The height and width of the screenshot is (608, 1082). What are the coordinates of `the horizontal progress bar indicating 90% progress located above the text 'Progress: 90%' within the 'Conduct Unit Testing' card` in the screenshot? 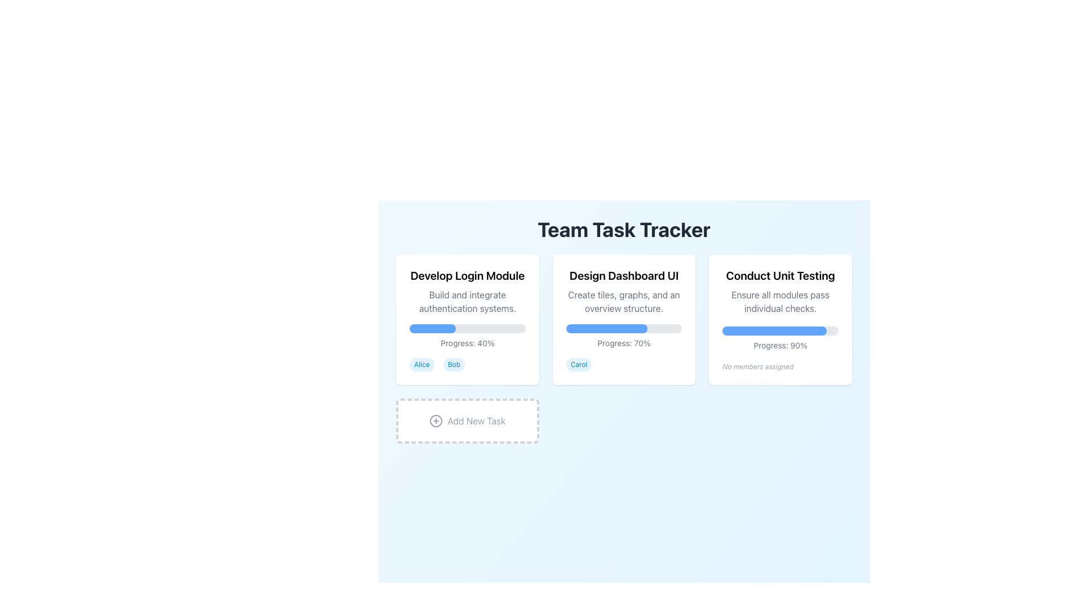 It's located at (780, 330).